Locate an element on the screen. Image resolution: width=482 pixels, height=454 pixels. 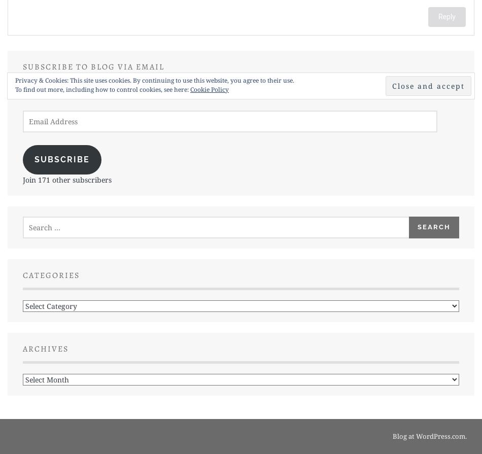
'To find out more, including how to control cookies, see here:' is located at coordinates (102, 89).